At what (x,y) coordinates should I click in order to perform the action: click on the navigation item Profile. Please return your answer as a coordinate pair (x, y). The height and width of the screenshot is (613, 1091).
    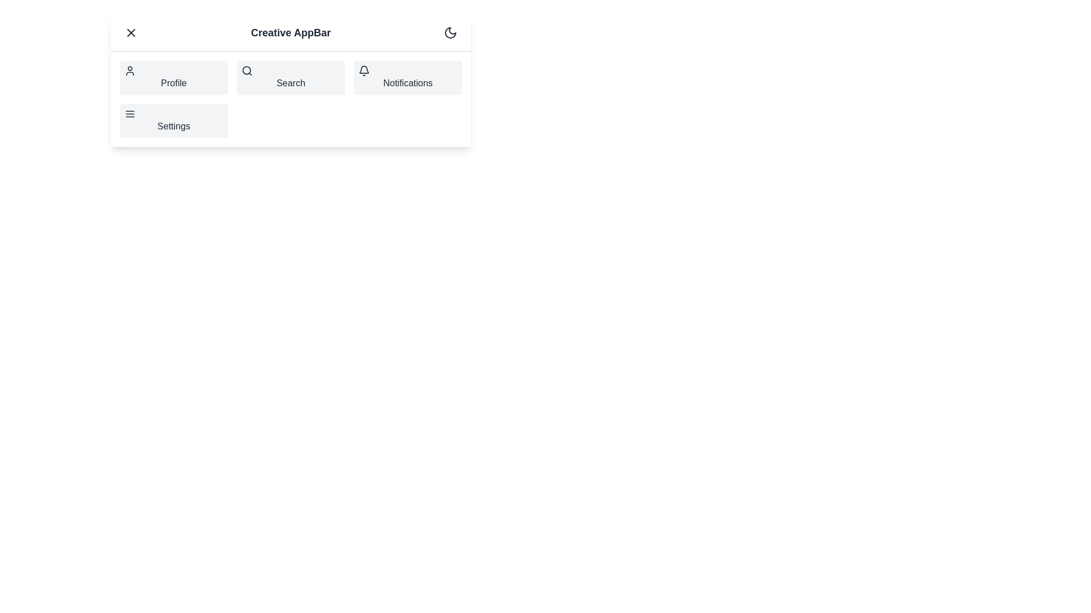
    Looking at the image, I should click on (173, 77).